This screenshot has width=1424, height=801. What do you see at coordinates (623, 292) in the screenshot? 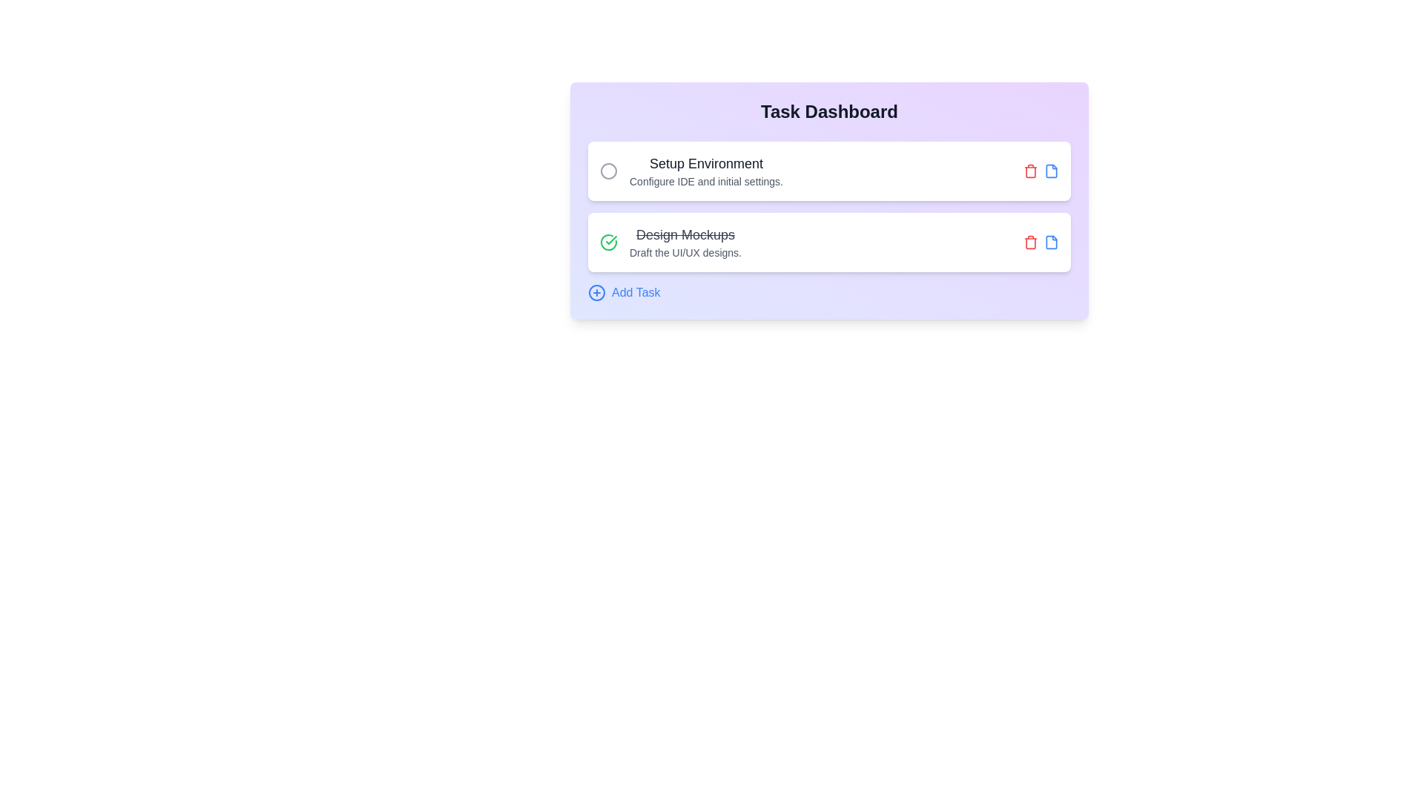
I see `the 'Add Task' button to add a new task to the dashboard` at bounding box center [623, 292].